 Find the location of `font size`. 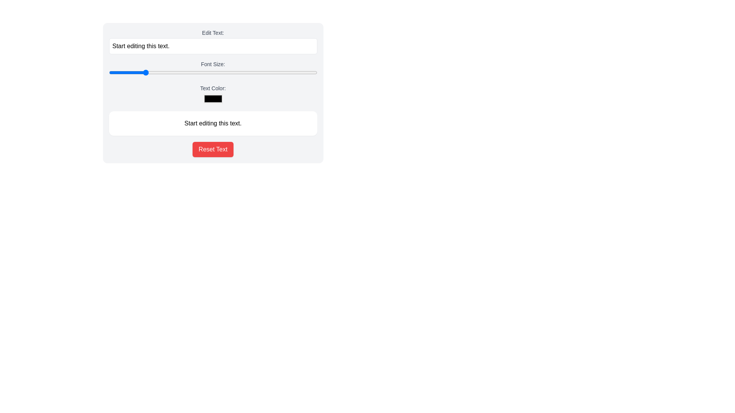

font size is located at coordinates (144, 72).